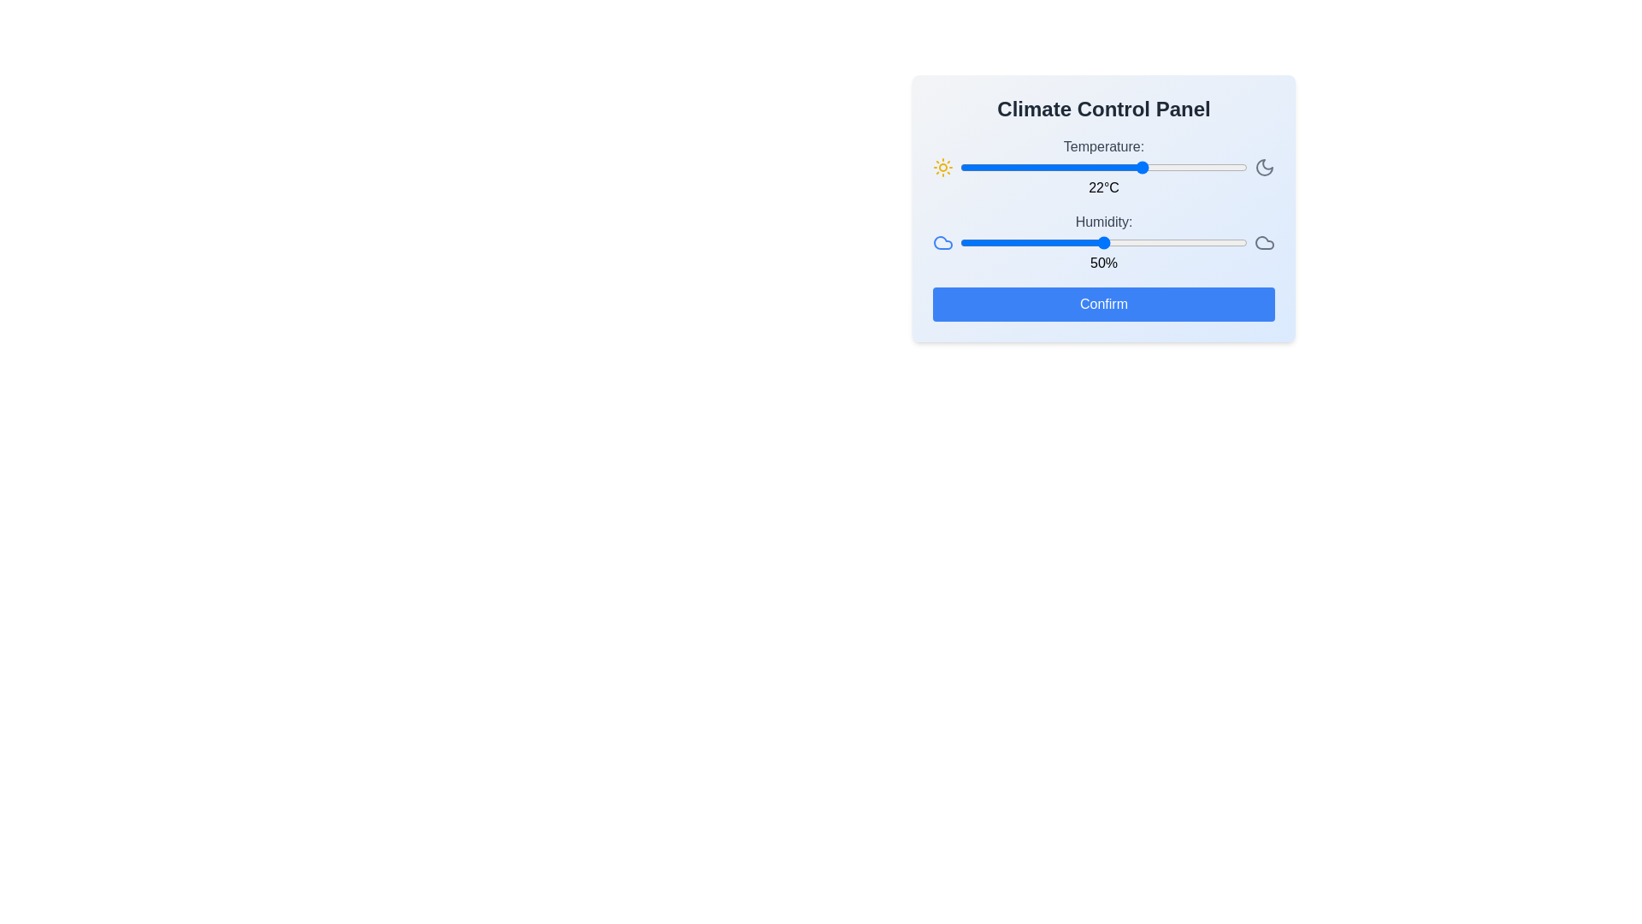  I want to click on the temperature slider to -6°C, so click(983, 168).